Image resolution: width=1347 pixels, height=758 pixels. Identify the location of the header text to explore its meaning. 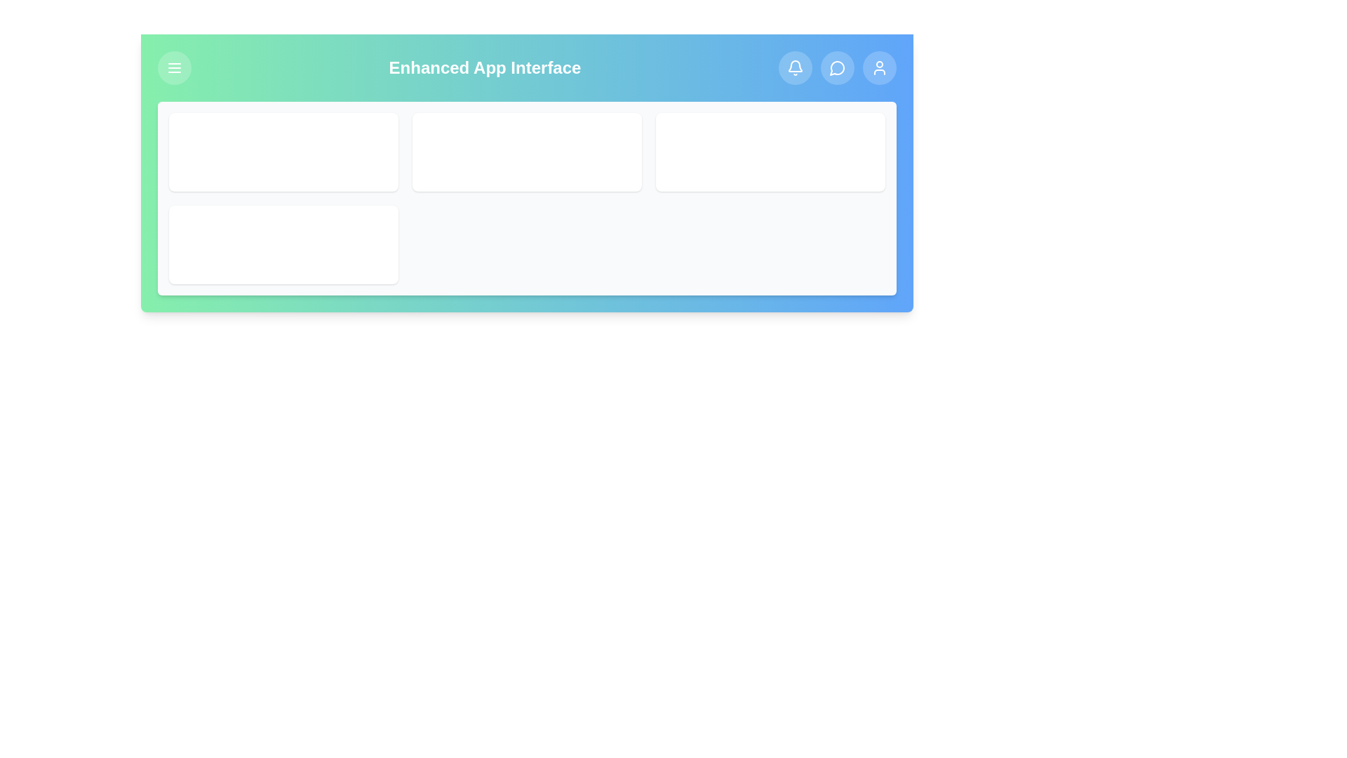
(526, 67).